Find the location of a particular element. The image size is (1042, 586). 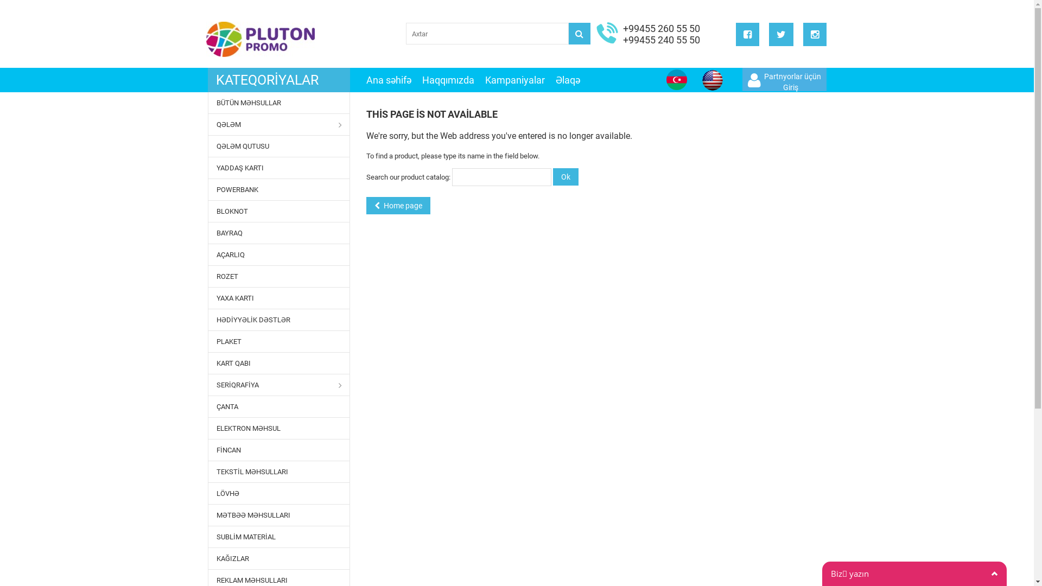

'YAXA KARTI' is located at coordinates (279, 298).